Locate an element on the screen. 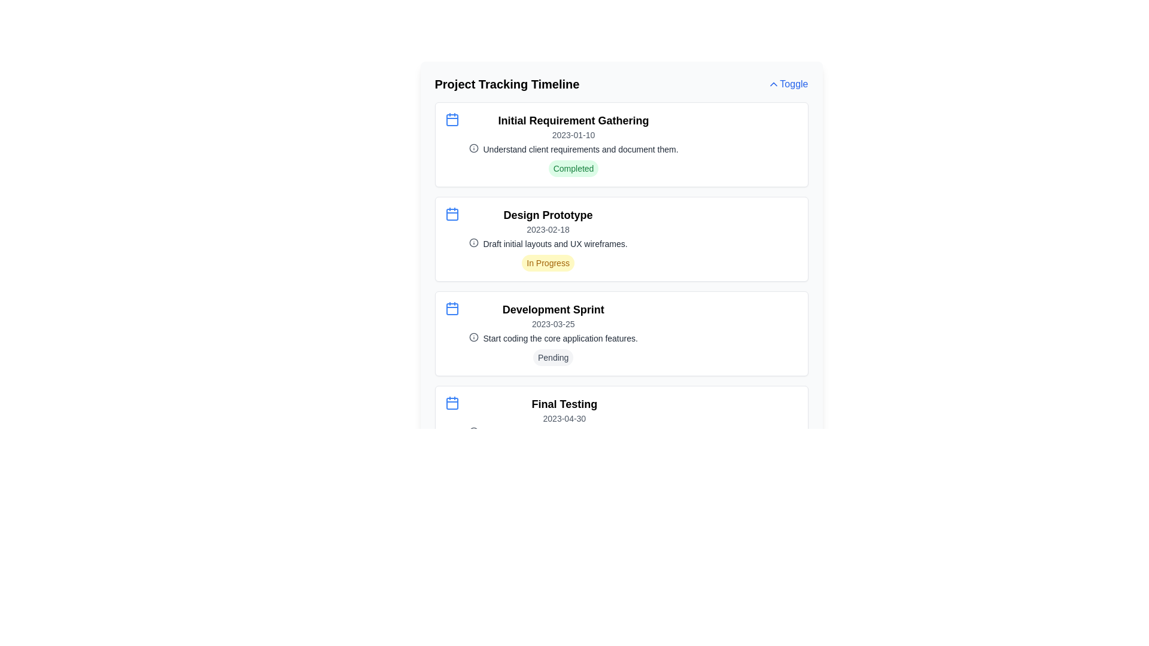 This screenshot has height=646, width=1149. the info icon in the task content block located between 'Design Prototype' and 'Final Testing' is located at coordinates (552, 334).